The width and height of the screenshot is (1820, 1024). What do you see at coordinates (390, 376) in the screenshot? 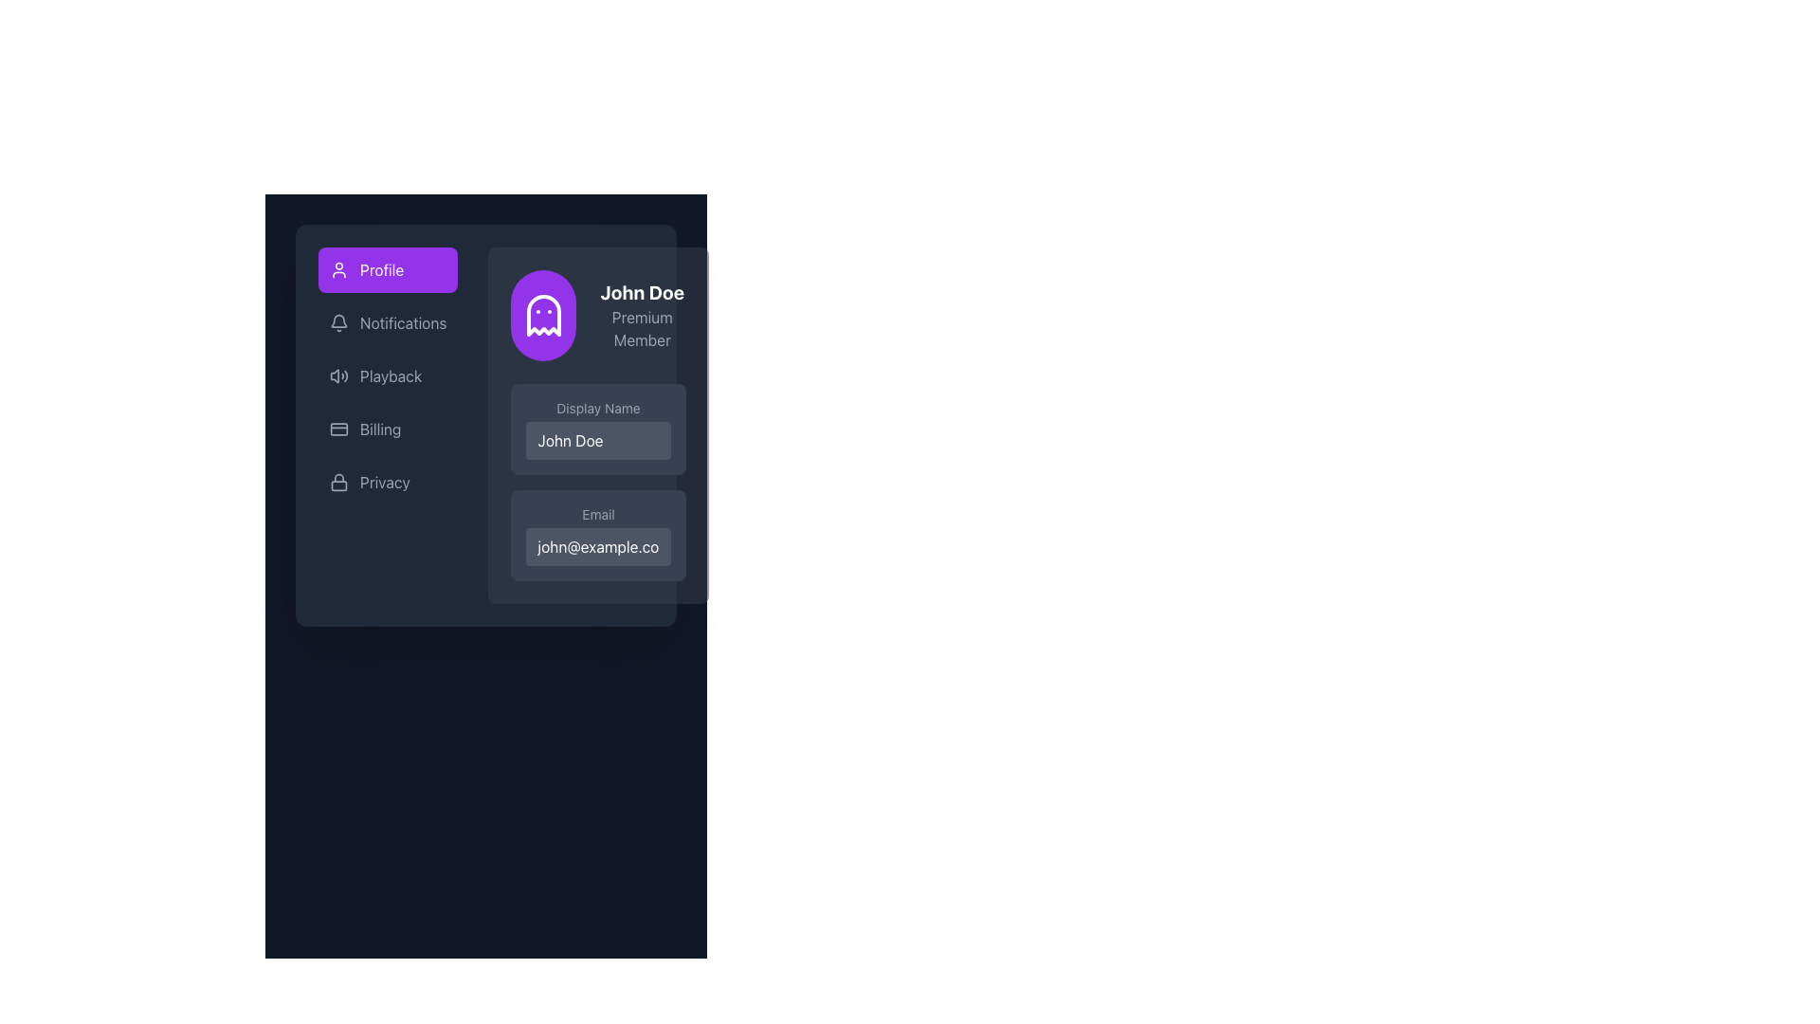
I see `the Text label located in the sidebar menu, positioned below 'Notifications' and above 'Billing'` at bounding box center [390, 376].